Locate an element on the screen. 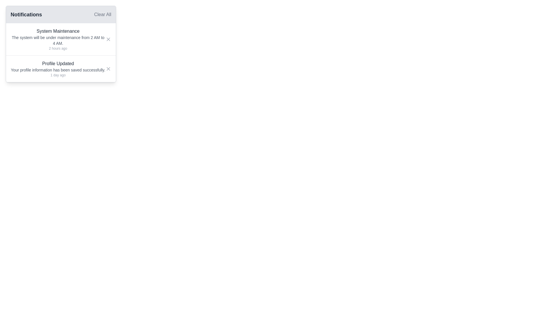  the 'Clear All' text button in the top-right corner of the notification header to observe the hover effect is located at coordinates (103, 14).